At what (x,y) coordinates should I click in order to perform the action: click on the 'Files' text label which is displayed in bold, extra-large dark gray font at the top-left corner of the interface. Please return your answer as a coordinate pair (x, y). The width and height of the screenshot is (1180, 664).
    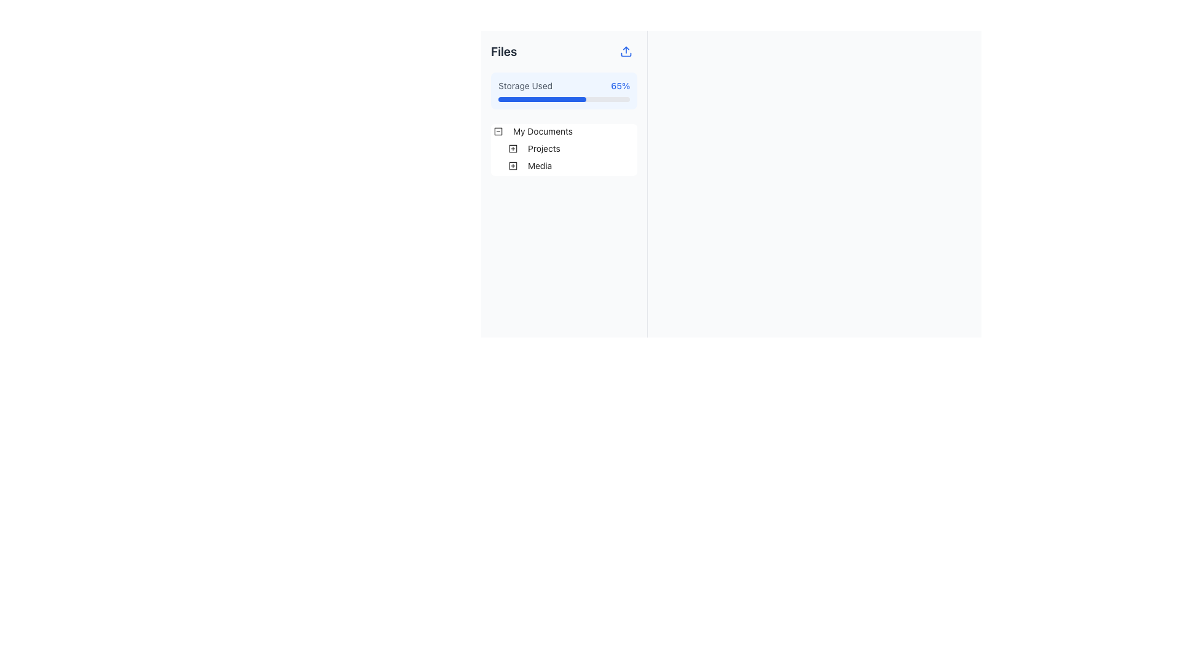
    Looking at the image, I should click on (504, 51).